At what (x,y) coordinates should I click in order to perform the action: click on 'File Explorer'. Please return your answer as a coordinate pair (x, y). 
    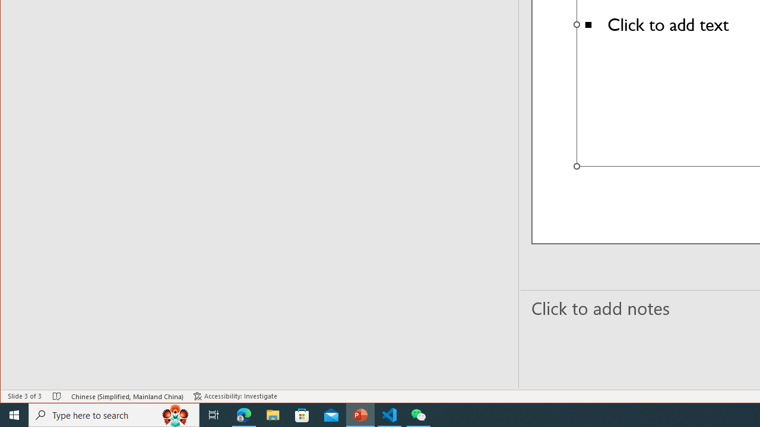
    Looking at the image, I should click on (273, 414).